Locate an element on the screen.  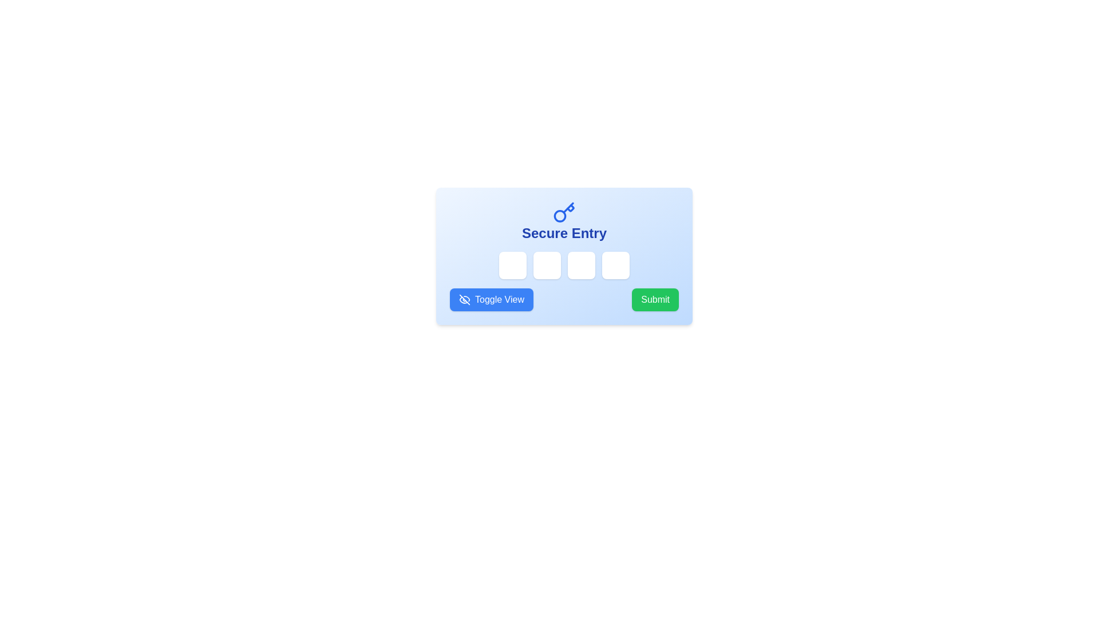
the eye icon with a slash through it, located within the blue button labeled 'Toggle View' is located at coordinates (464, 299).